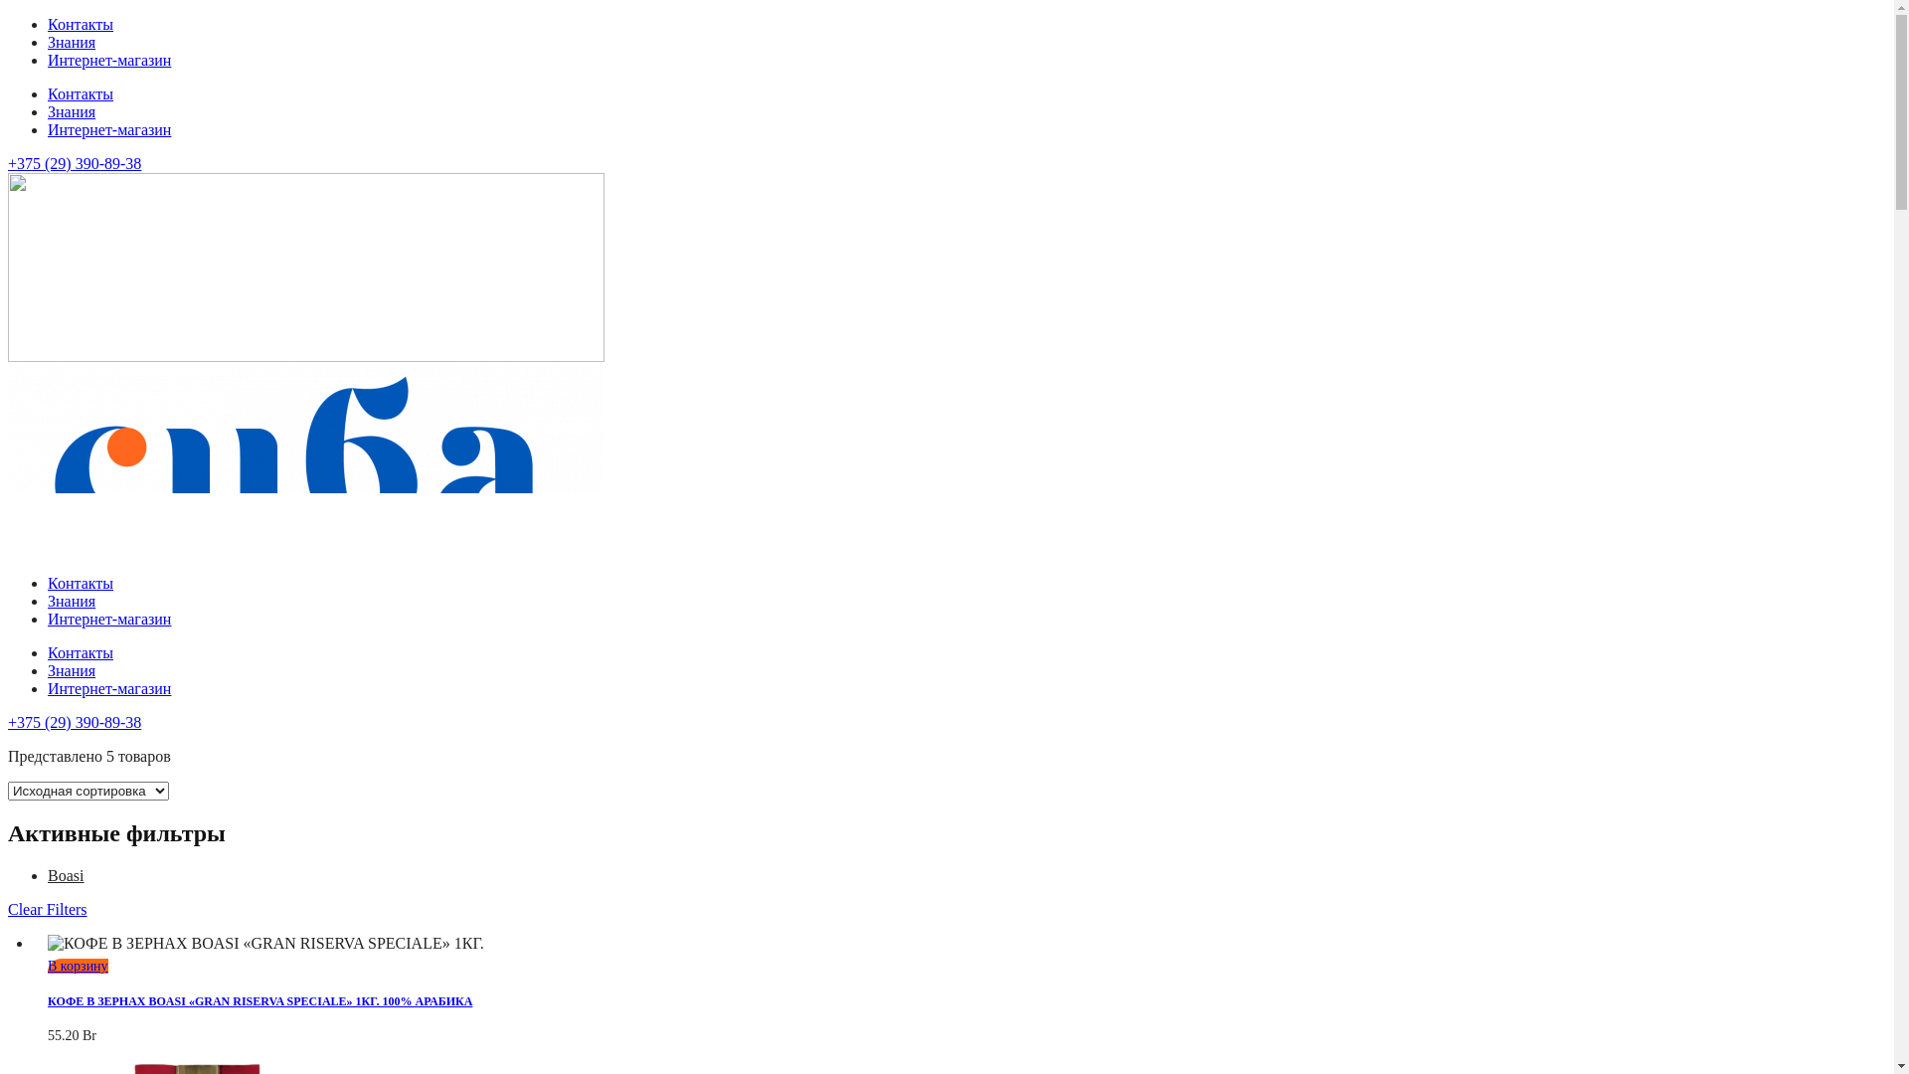 This screenshot has height=1074, width=1909. Describe the element at coordinates (48, 874) in the screenshot. I see `'Boasi'` at that location.